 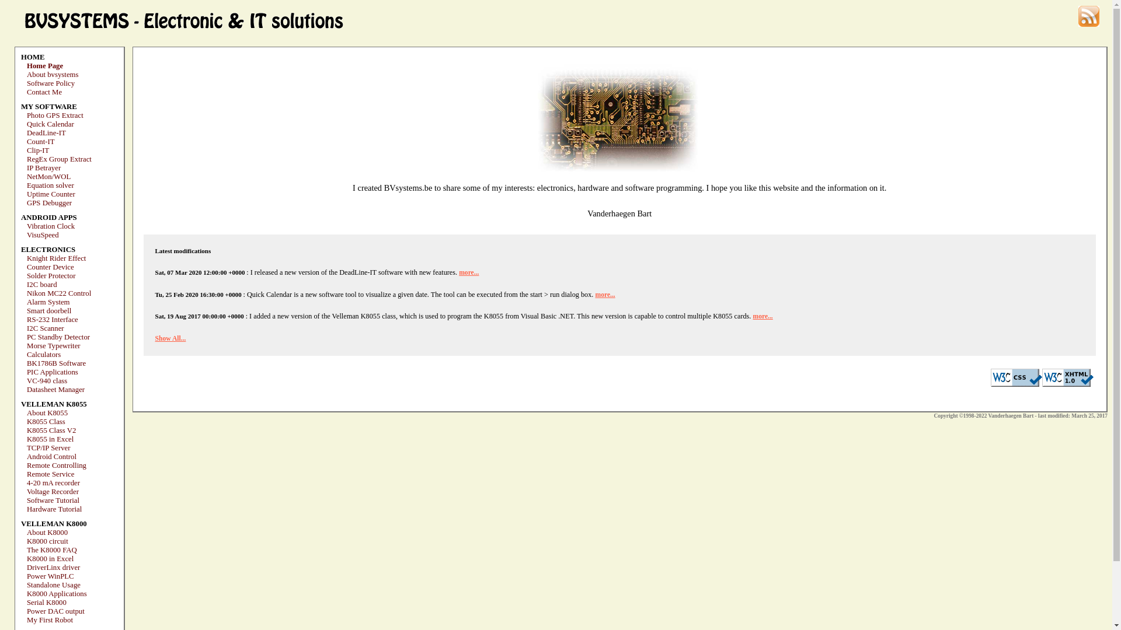 I want to click on 'more...', so click(x=605, y=294).